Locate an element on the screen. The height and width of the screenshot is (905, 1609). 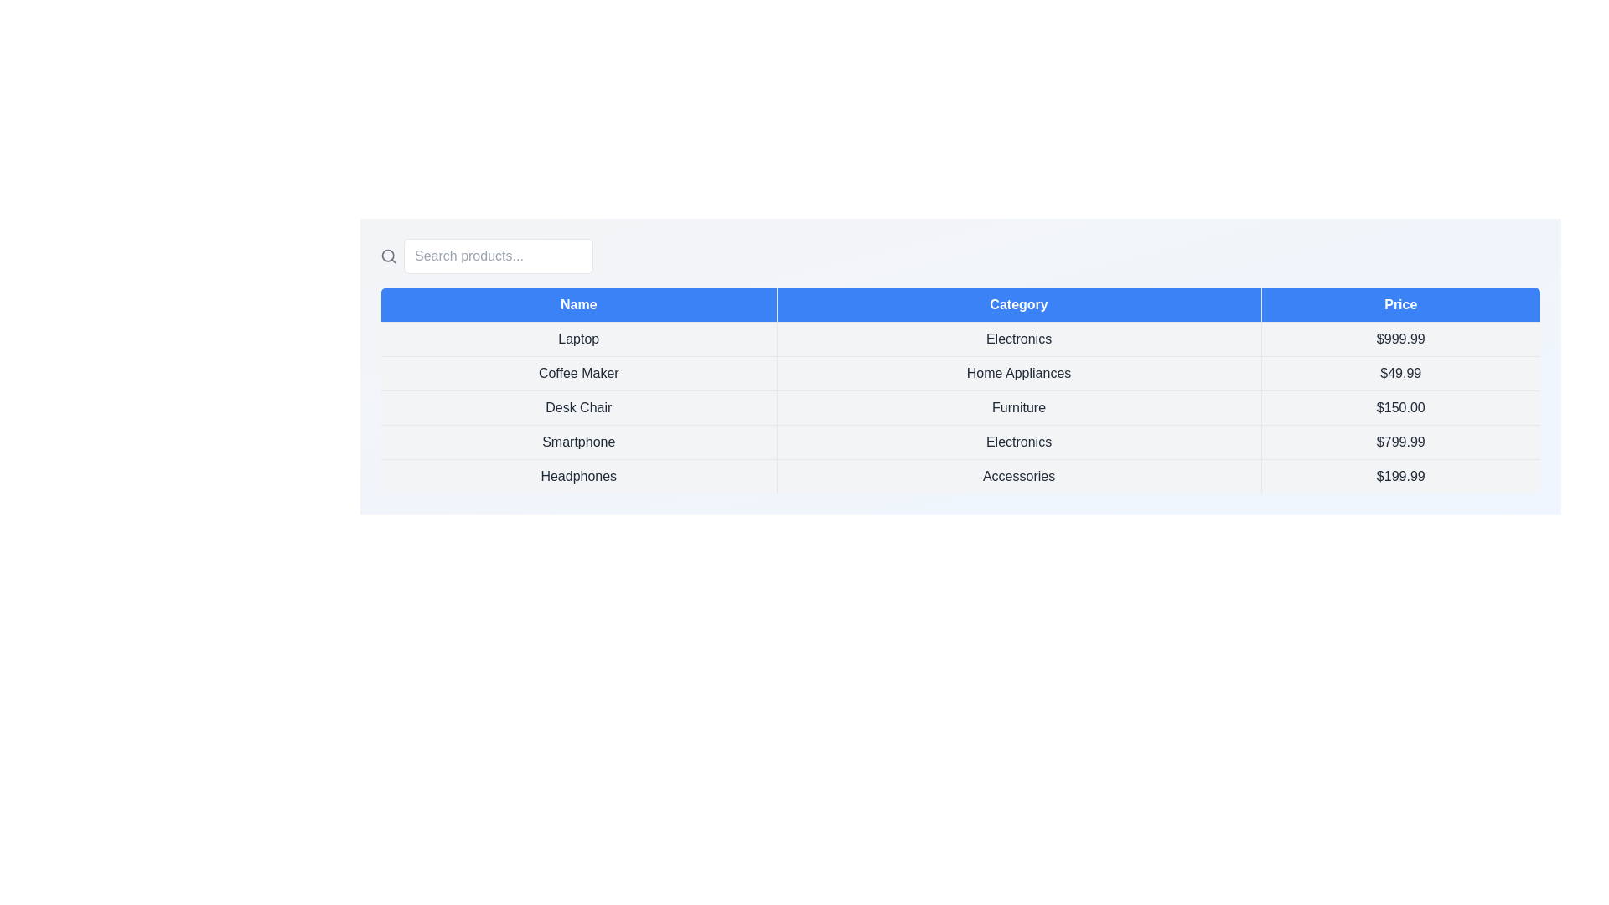
the second row of the product listing table is located at coordinates (960, 373).